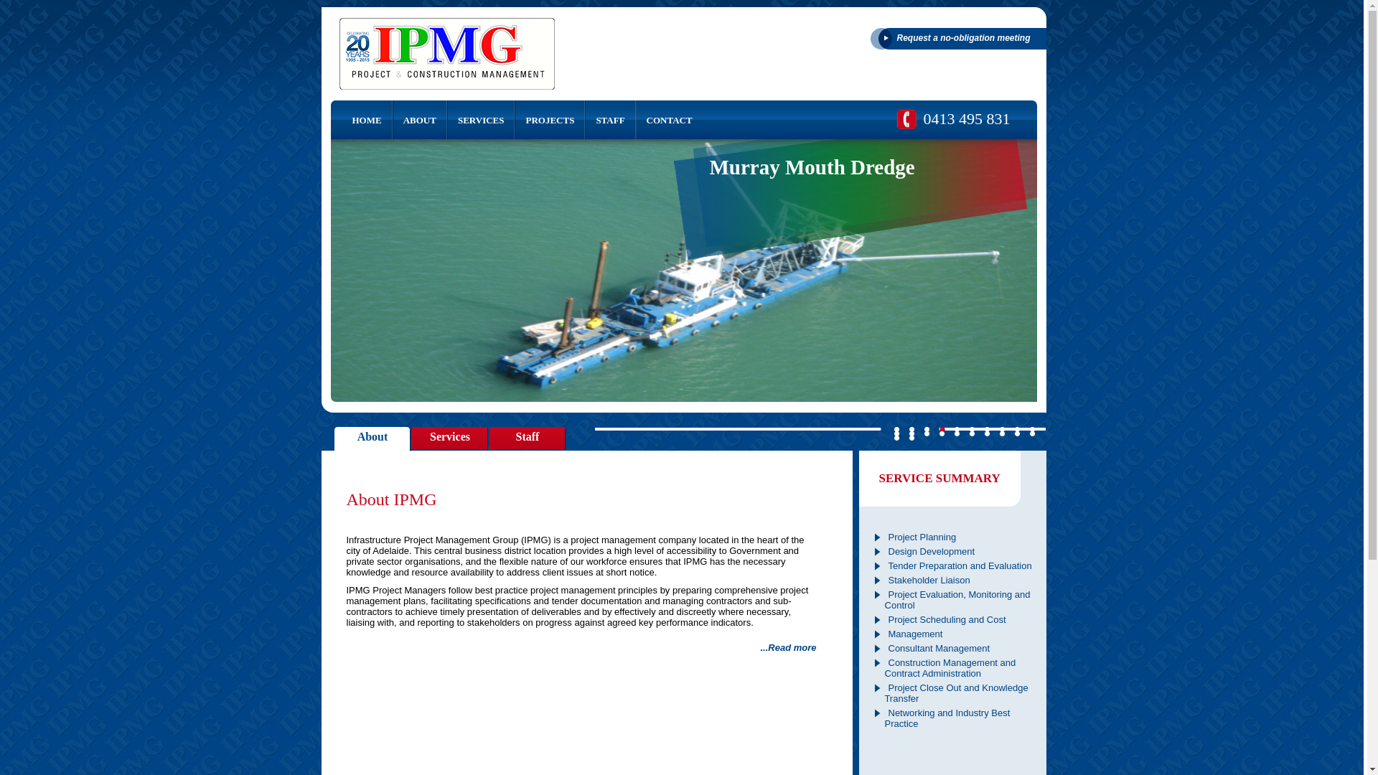  Describe the element at coordinates (984, 433) in the screenshot. I see `'17'` at that location.